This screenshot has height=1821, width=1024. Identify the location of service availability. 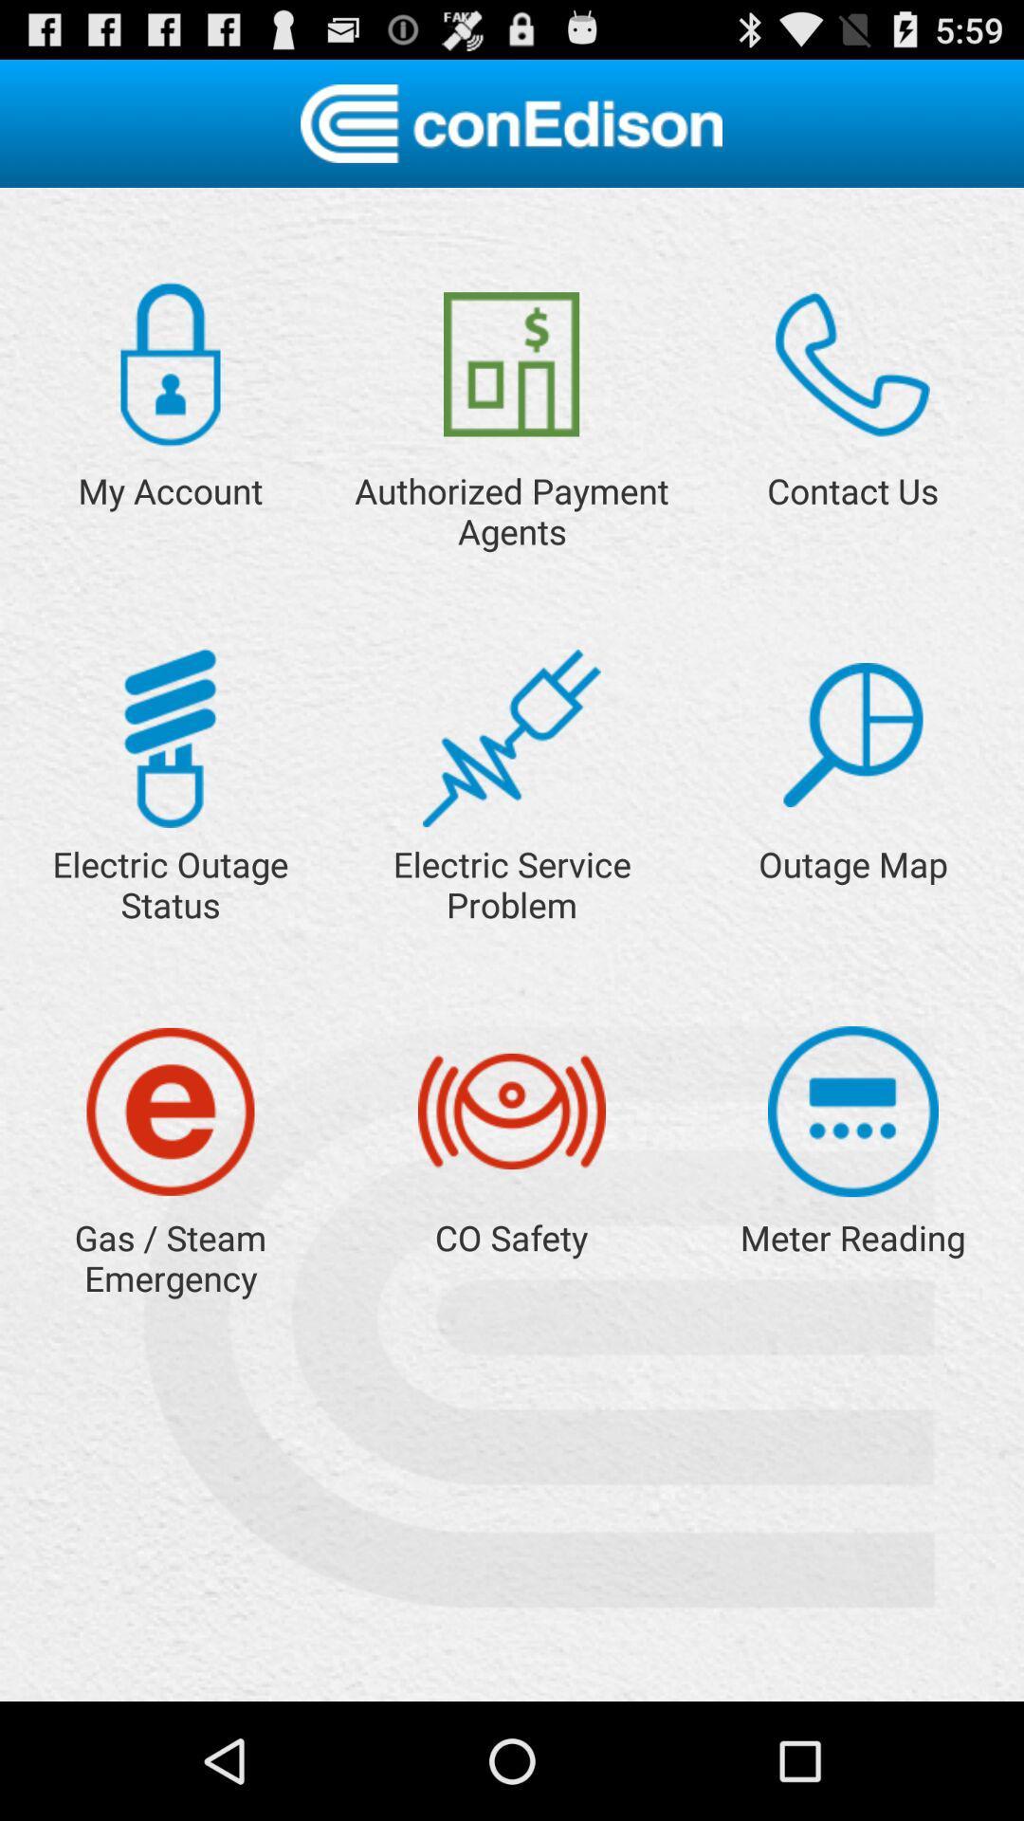
(851, 734).